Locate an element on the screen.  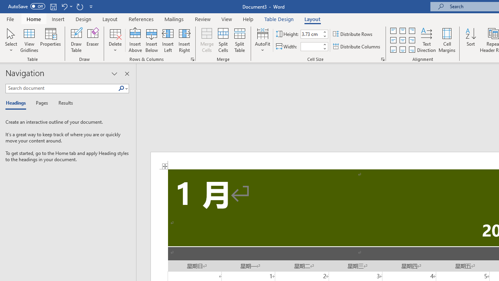
'Delete' is located at coordinates (115, 40).